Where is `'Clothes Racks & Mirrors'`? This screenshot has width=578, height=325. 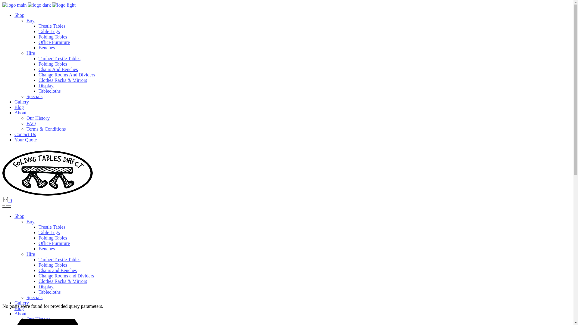 'Clothes Racks & Mirrors' is located at coordinates (63, 281).